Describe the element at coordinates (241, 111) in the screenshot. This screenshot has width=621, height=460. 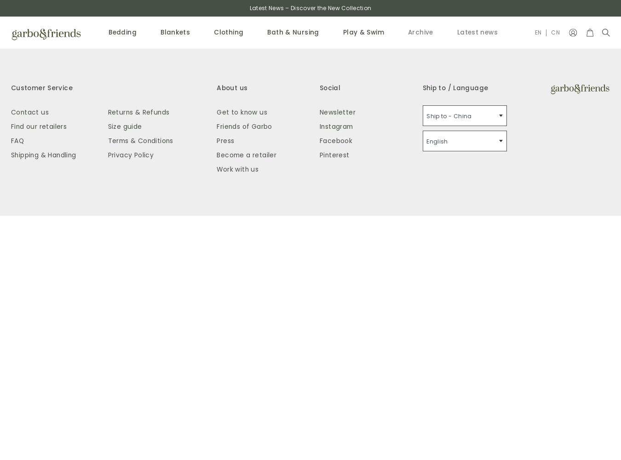
I see `'Get to know us'` at that location.